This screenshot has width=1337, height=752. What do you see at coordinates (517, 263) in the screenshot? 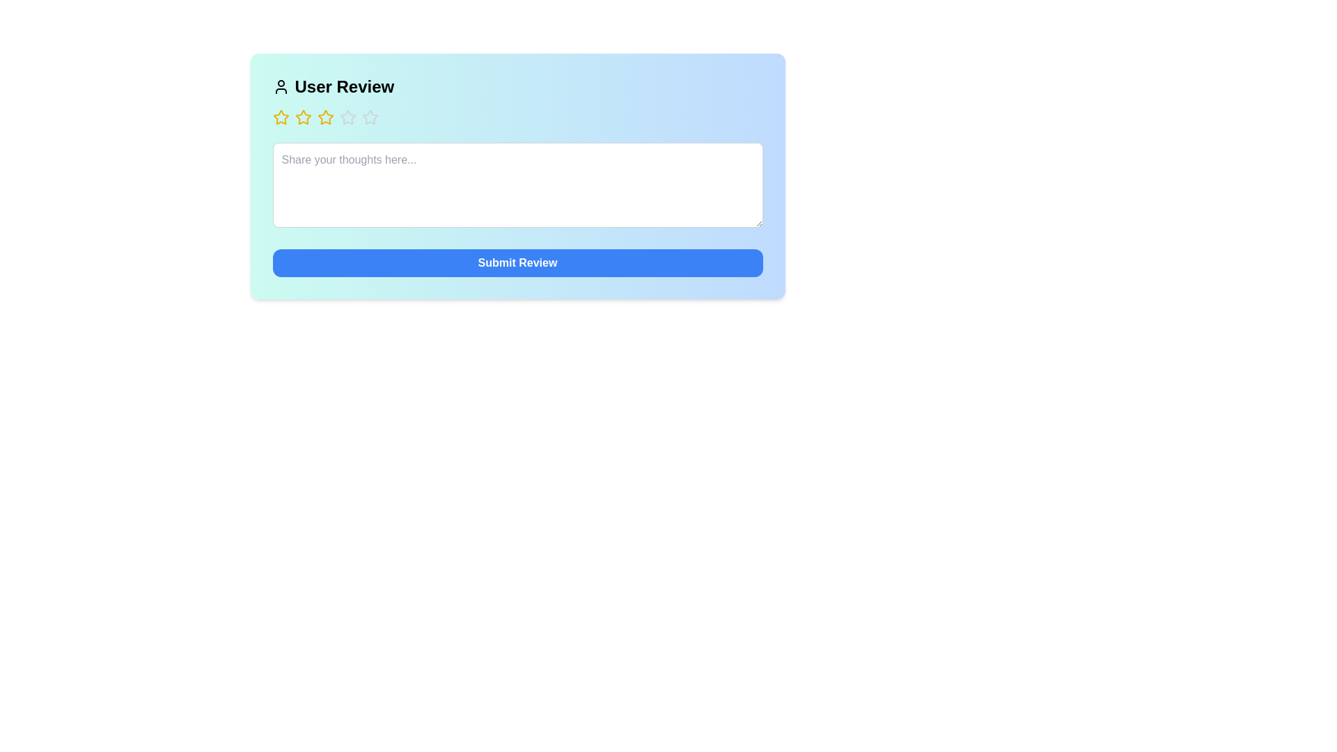
I see `'Submit Review' button` at bounding box center [517, 263].